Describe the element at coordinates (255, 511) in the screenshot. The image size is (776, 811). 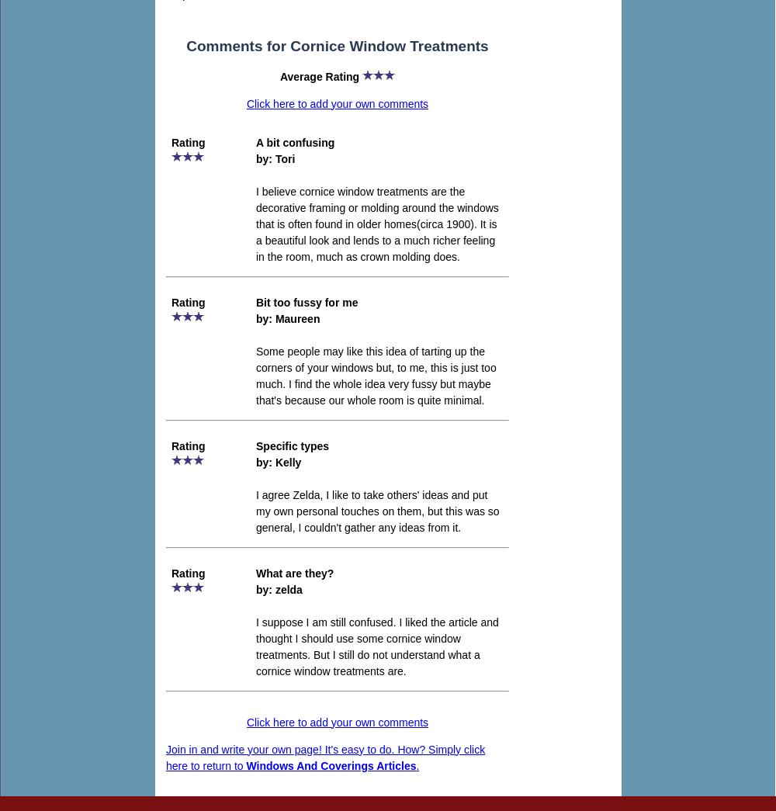
I see `'I agree Zelda, I like to take others' ideas and put my own personal touches on them, but this was so general, I couldn't gather any ideas from it.'` at that location.